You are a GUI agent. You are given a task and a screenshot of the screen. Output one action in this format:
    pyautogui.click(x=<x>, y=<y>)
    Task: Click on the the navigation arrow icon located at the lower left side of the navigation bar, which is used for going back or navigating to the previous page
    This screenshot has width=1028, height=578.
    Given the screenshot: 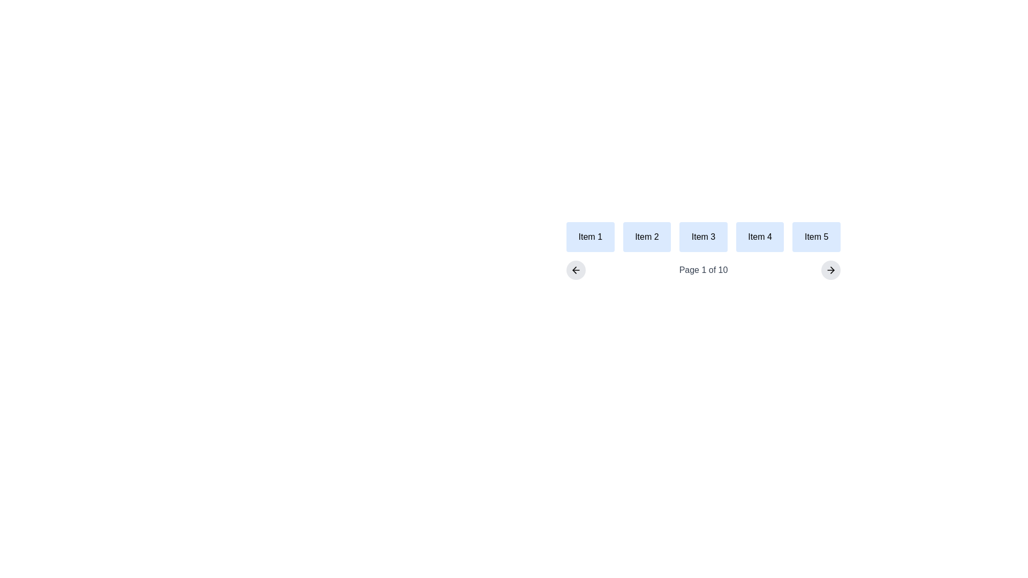 What is the action you would take?
    pyautogui.click(x=574, y=270)
    